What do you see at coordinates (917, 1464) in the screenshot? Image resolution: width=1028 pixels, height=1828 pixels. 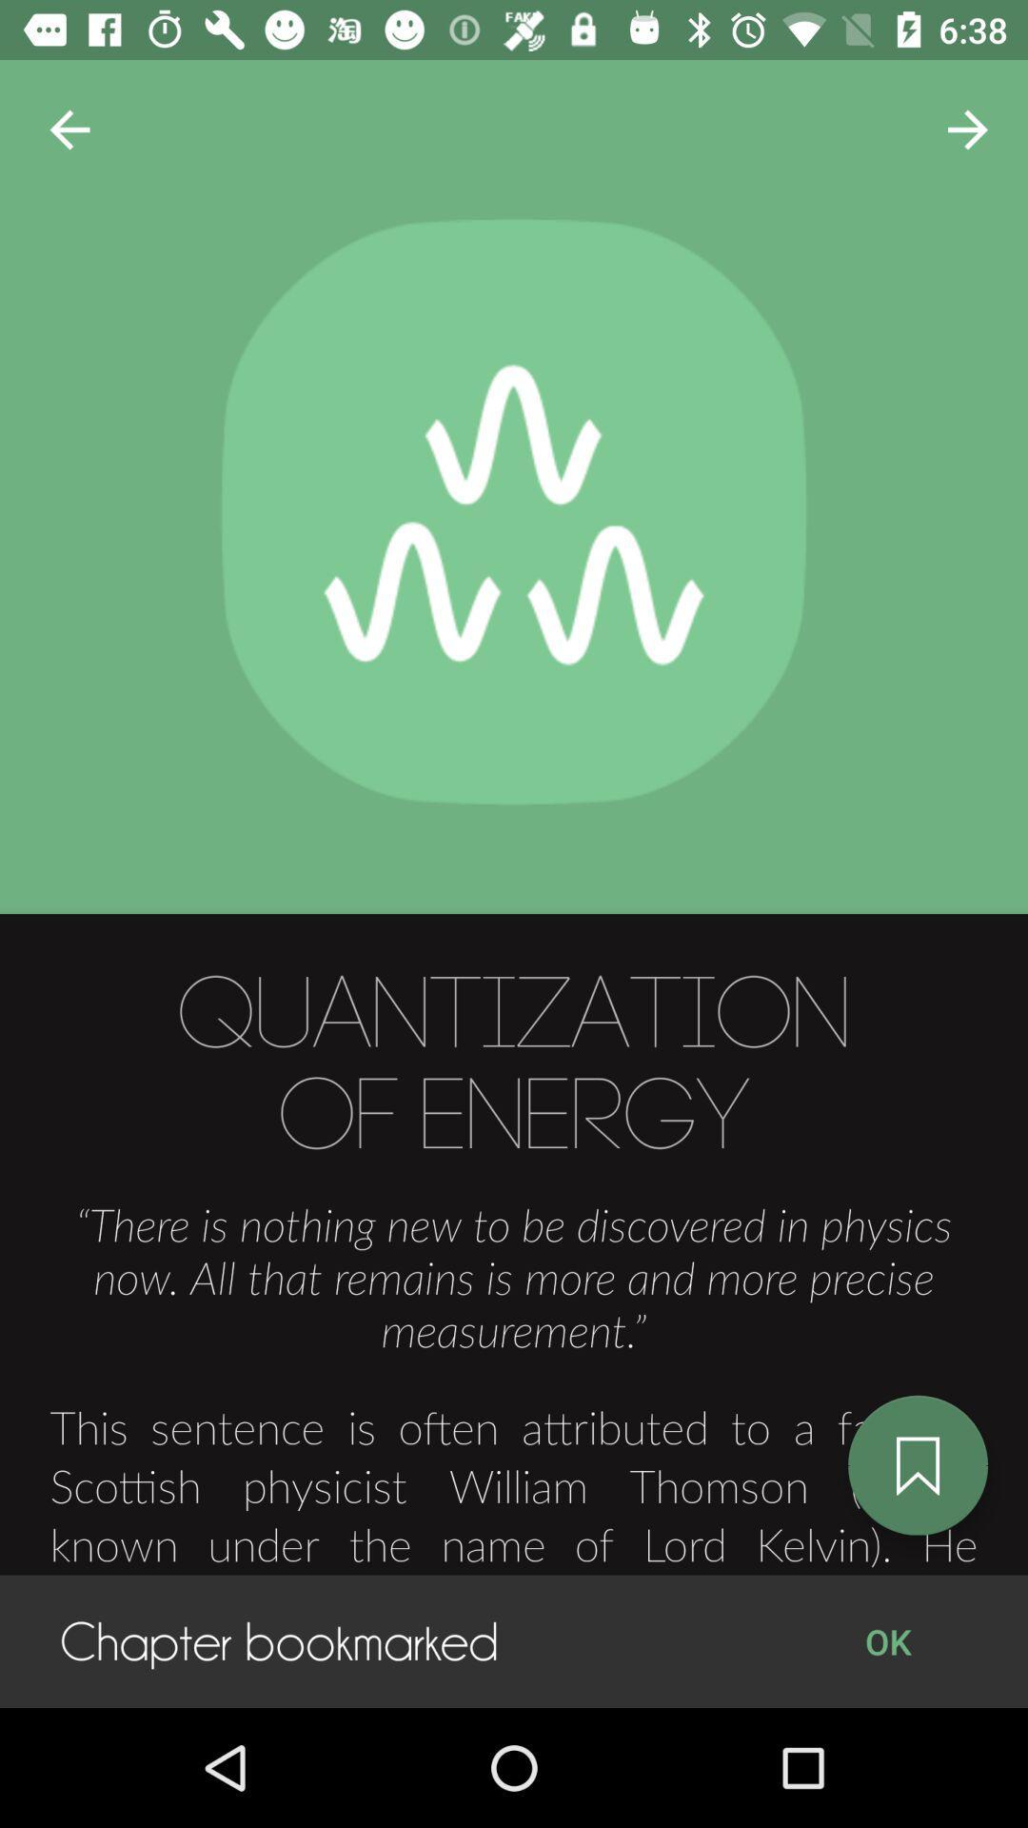 I see `the bookmark icon` at bounding box center [917, 1464].